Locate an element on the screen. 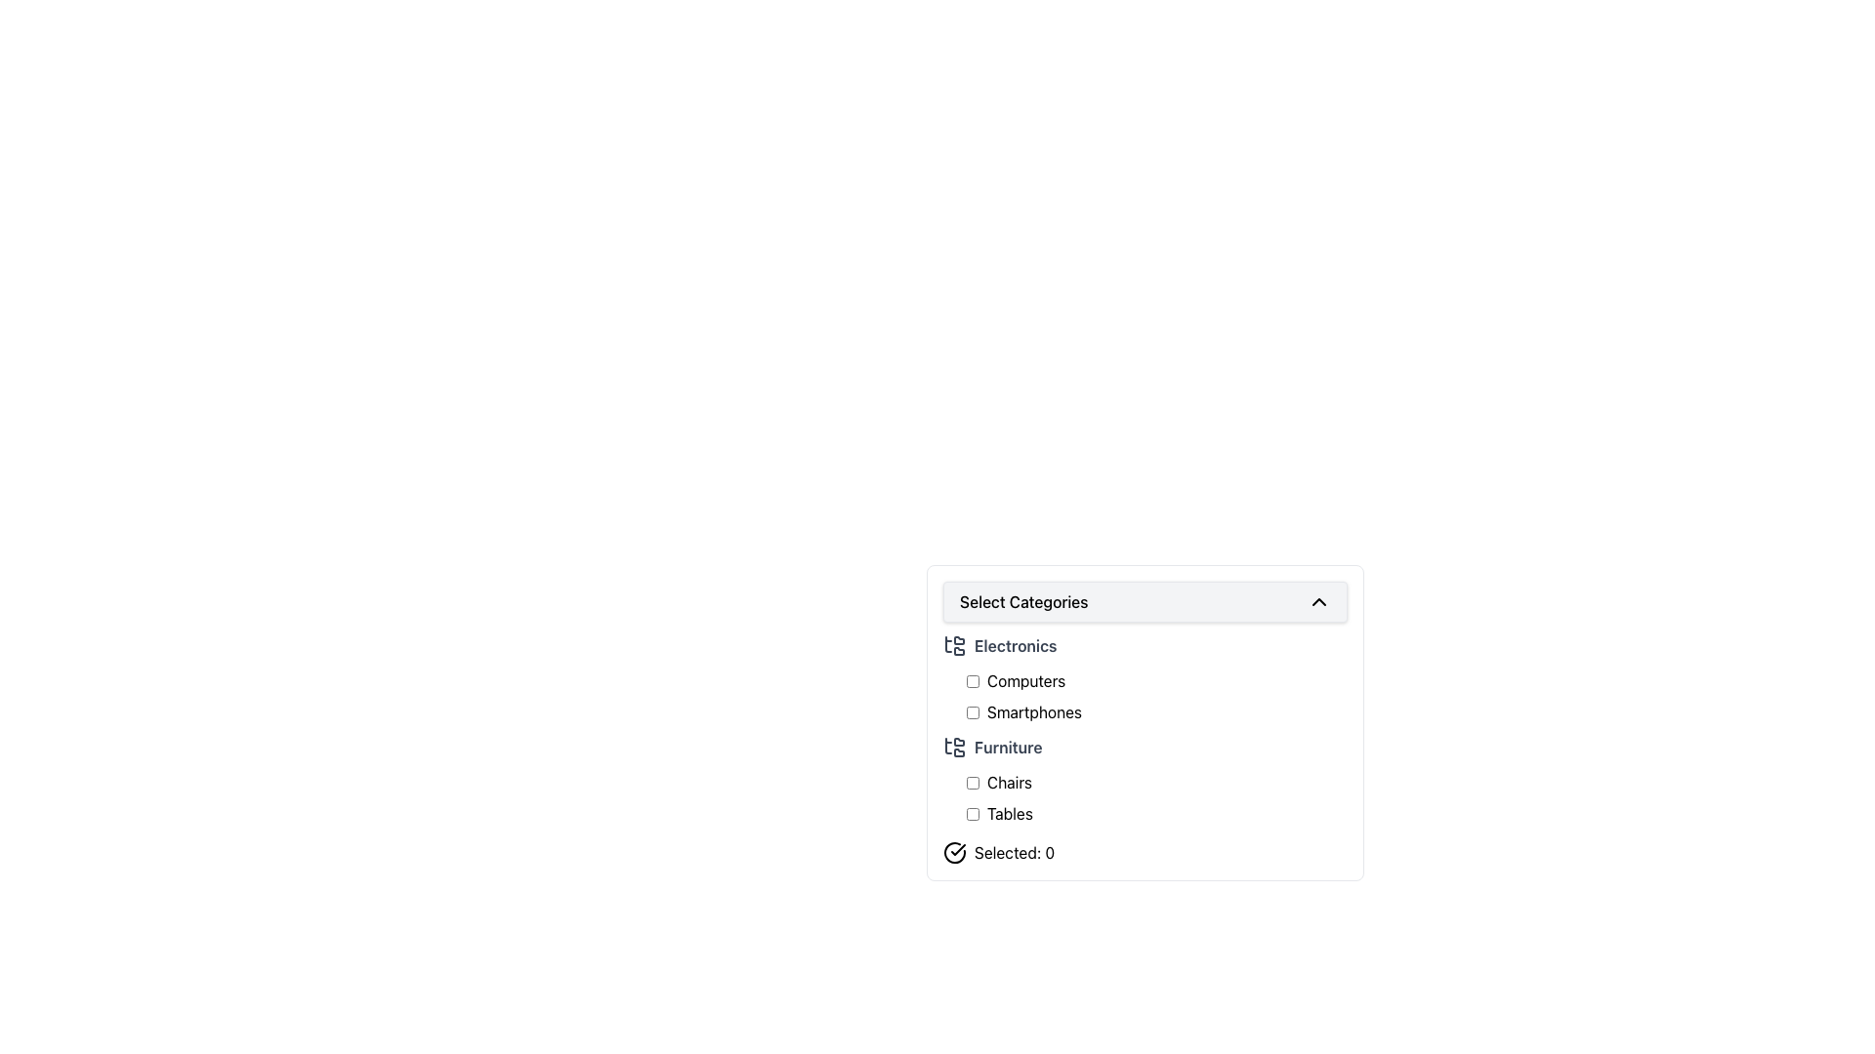  the checkbox located to the left of the label 'Tables' in the 'Furniture' section is located at coordinates (973, 813).